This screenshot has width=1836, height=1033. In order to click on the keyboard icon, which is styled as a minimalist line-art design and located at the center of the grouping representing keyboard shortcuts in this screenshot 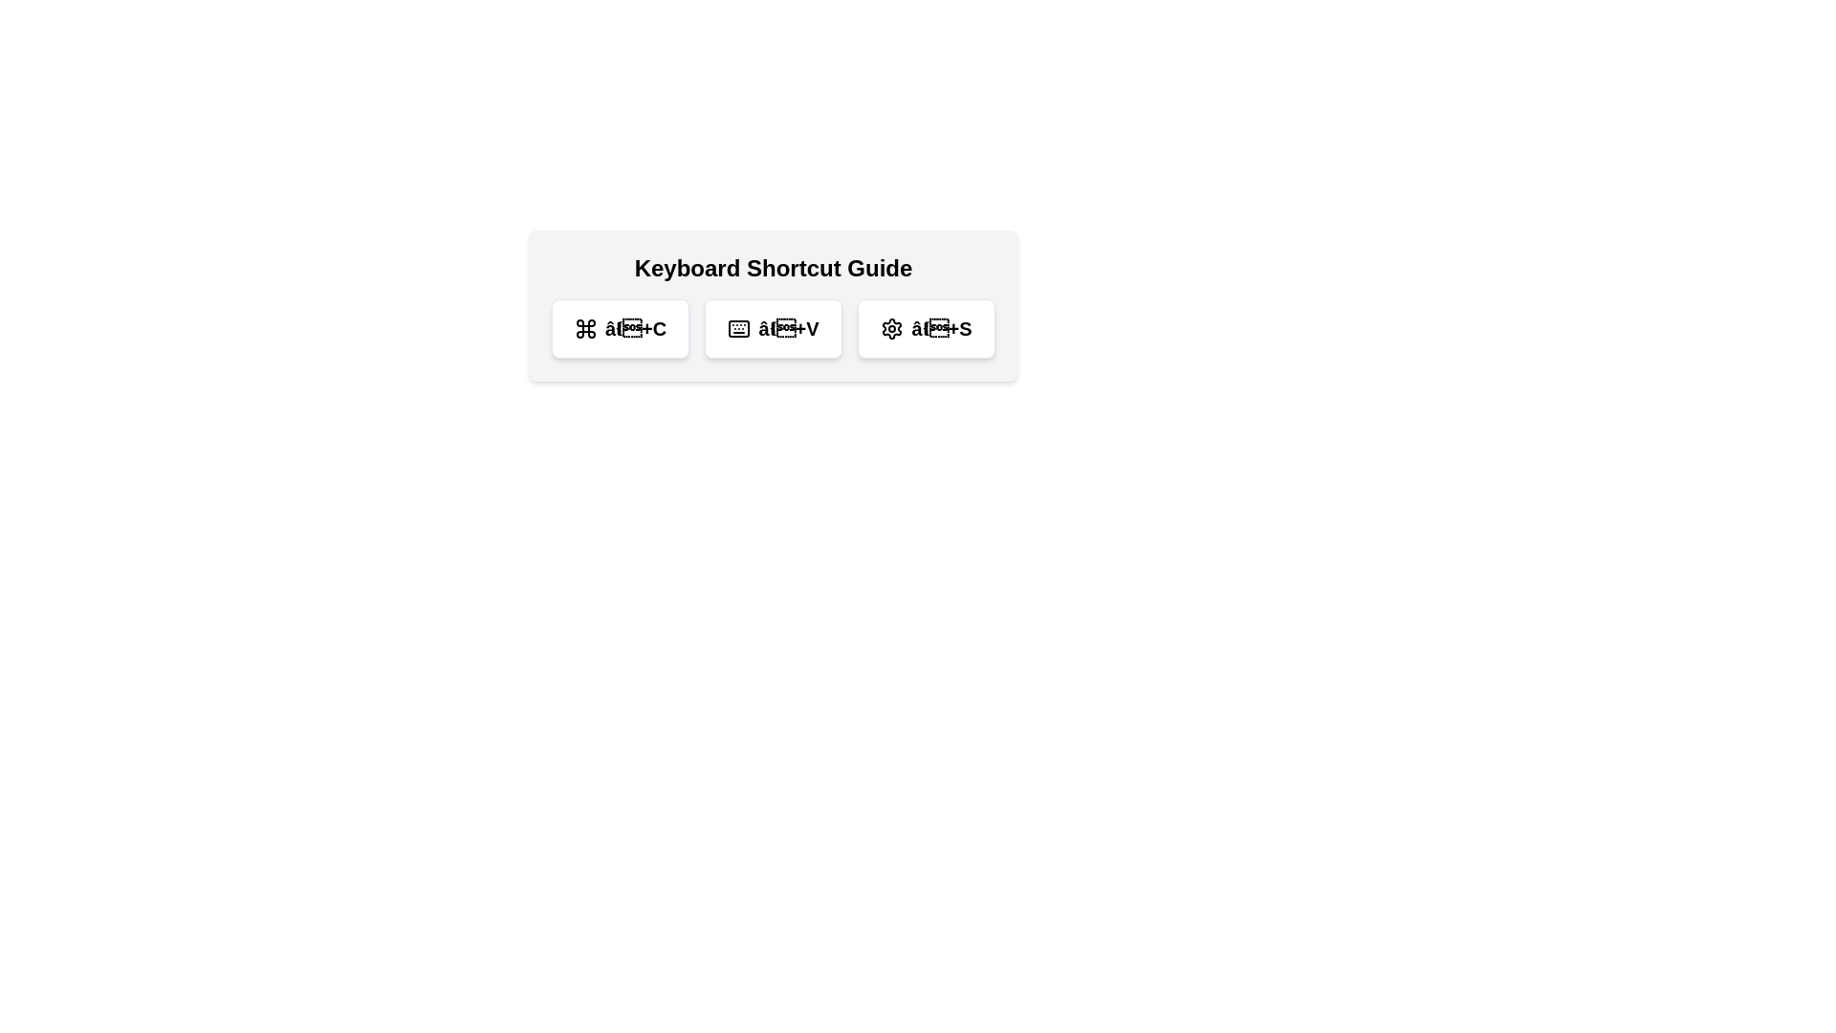, I will do `click(738, 327)`.